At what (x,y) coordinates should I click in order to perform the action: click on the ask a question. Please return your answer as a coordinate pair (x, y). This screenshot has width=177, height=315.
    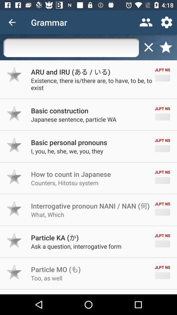
    Looking at the image, I should click on (76, 246).